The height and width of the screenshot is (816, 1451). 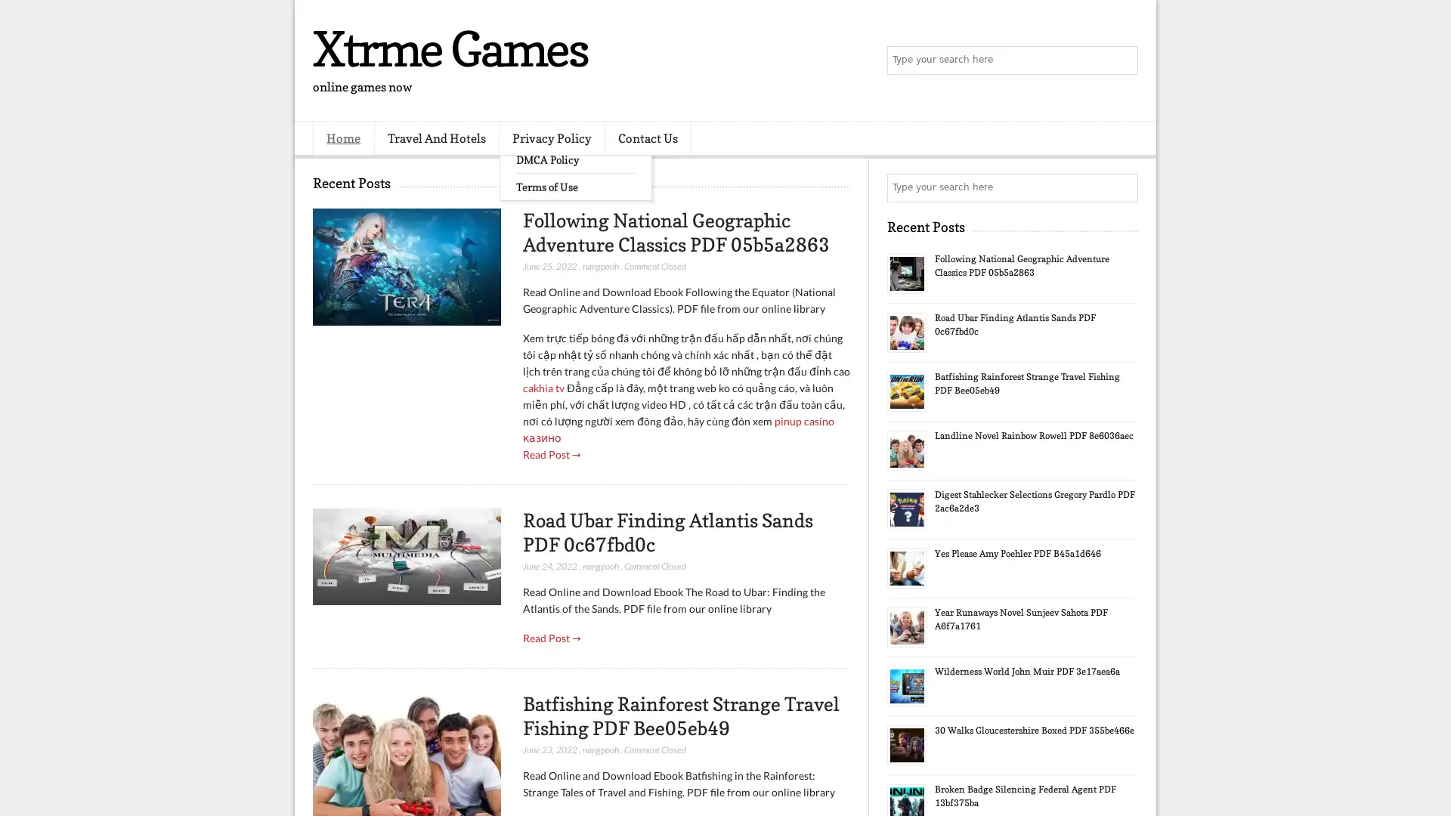 I want to click on Search, so click(x=1122, y=60).